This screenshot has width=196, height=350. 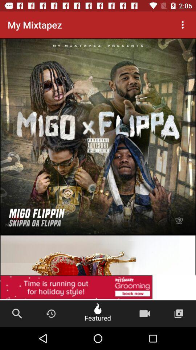 What do you see at coordinates (182, 25) in the screenshot?
I see `icon at the top right corner` at bounding box center [182, 25].